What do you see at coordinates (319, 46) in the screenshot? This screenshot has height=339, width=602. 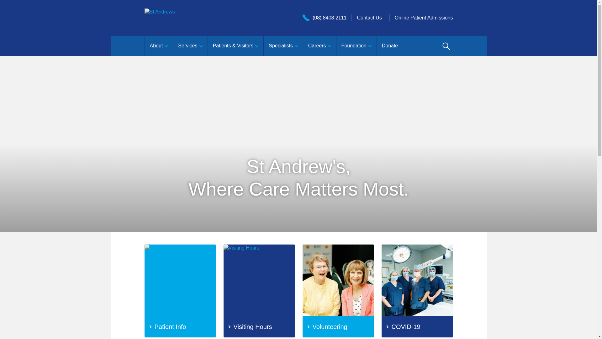 I see `'Careers'` at bounding box center [319, 46].